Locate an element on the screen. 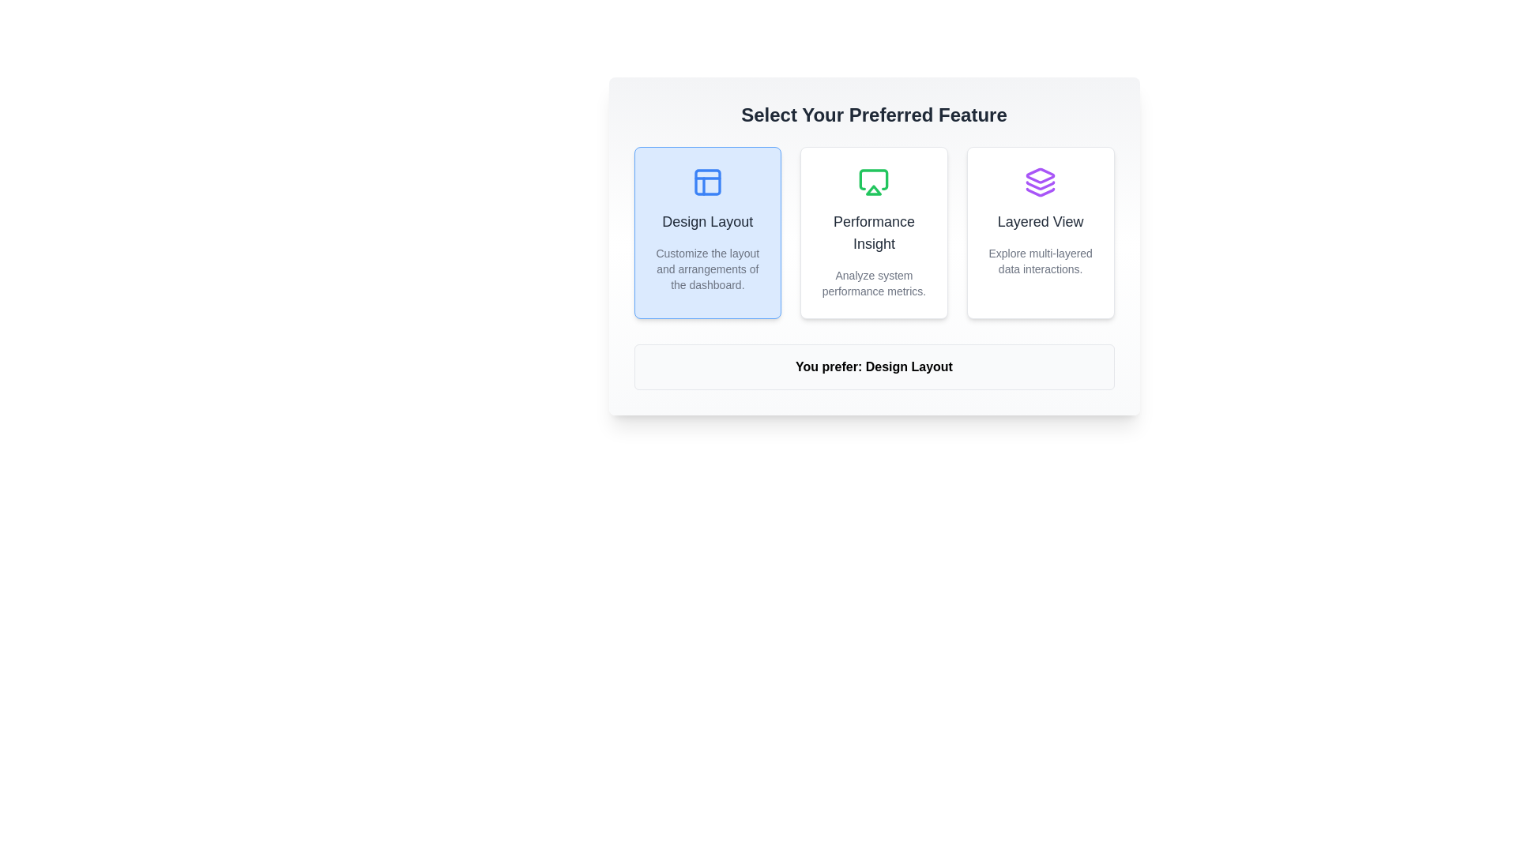 Image resolution: width=1517 pixels, height=853 pixels. the visual identifier icon for the 'Layered View' feature, located at the top of the rightmost card in a set of three cards is located at coordinates (1041, 182).